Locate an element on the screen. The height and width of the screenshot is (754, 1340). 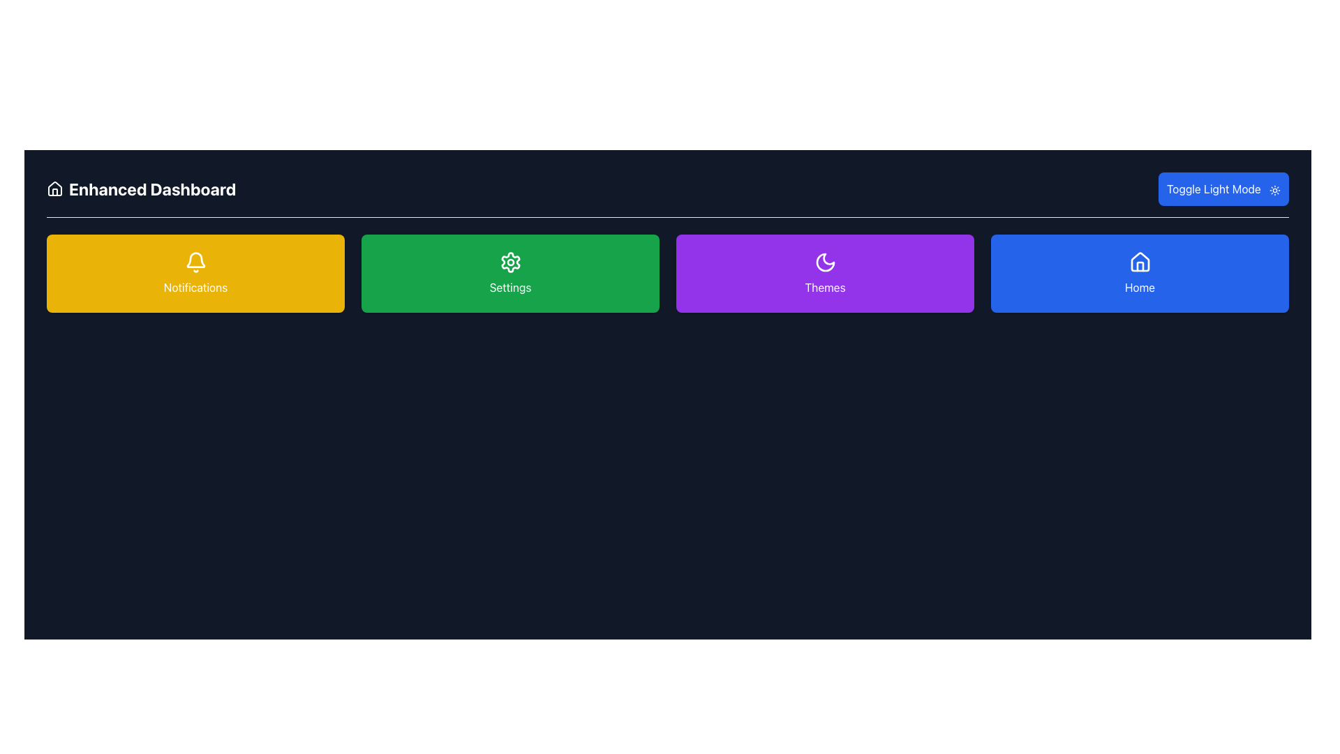
the purple 'Themes' button featuring a white moon icon is located at coordinates (825, 274).